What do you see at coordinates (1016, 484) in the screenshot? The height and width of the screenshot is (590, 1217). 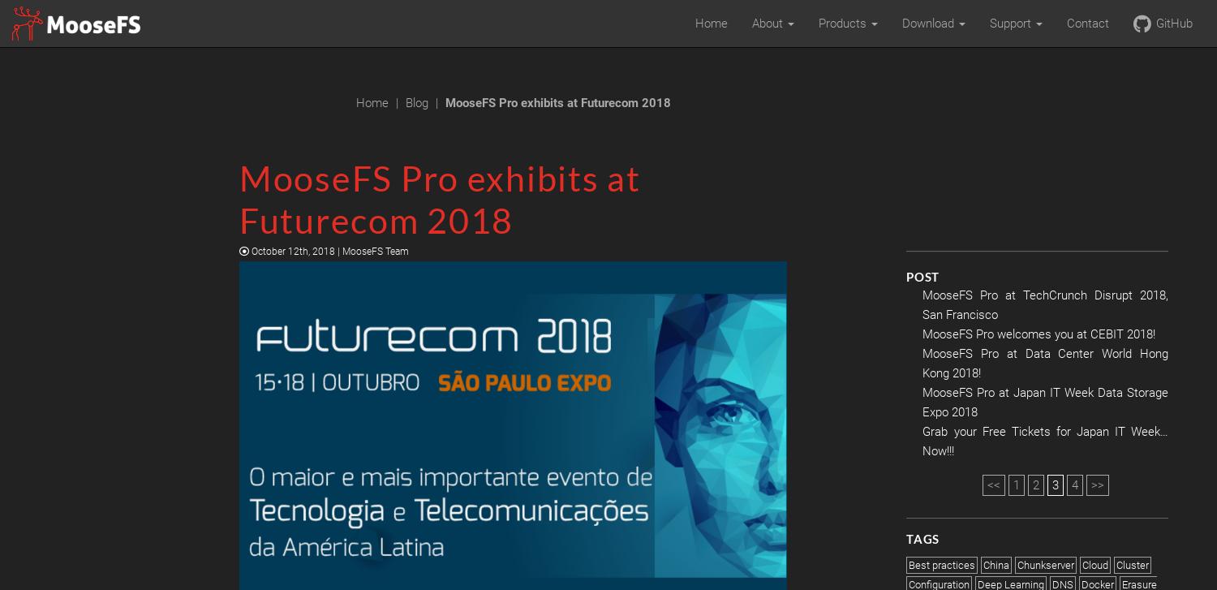 I see `'1'` at bounding box center [1016, 484].